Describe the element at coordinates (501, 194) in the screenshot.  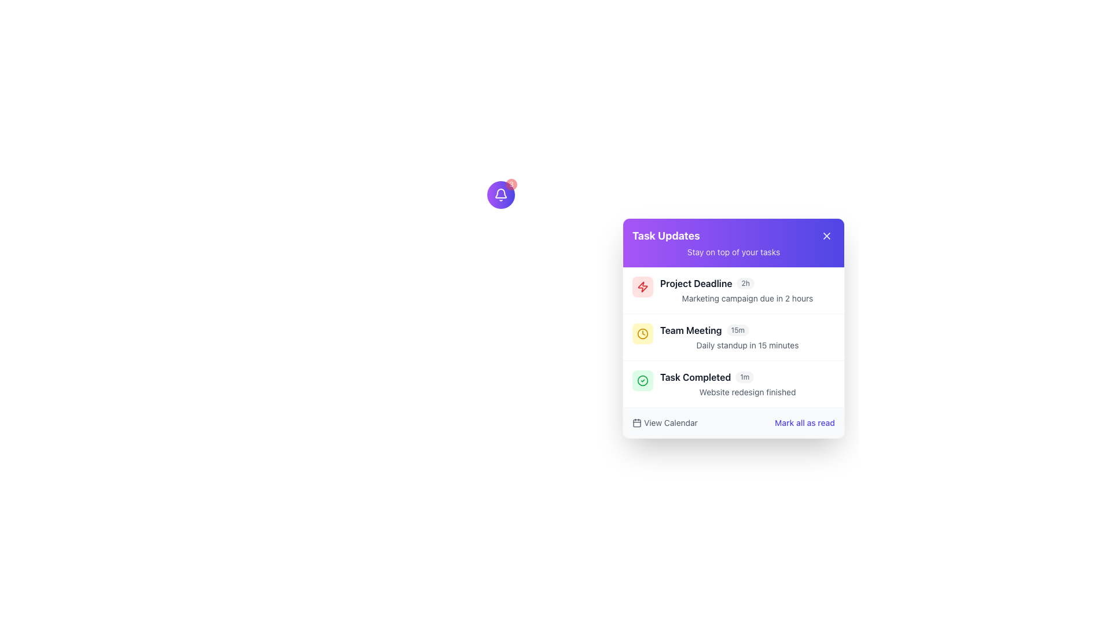
I see `the notification icon, which is a circular button with a purple gradient background and a red badge showing the number '3'` at that location.